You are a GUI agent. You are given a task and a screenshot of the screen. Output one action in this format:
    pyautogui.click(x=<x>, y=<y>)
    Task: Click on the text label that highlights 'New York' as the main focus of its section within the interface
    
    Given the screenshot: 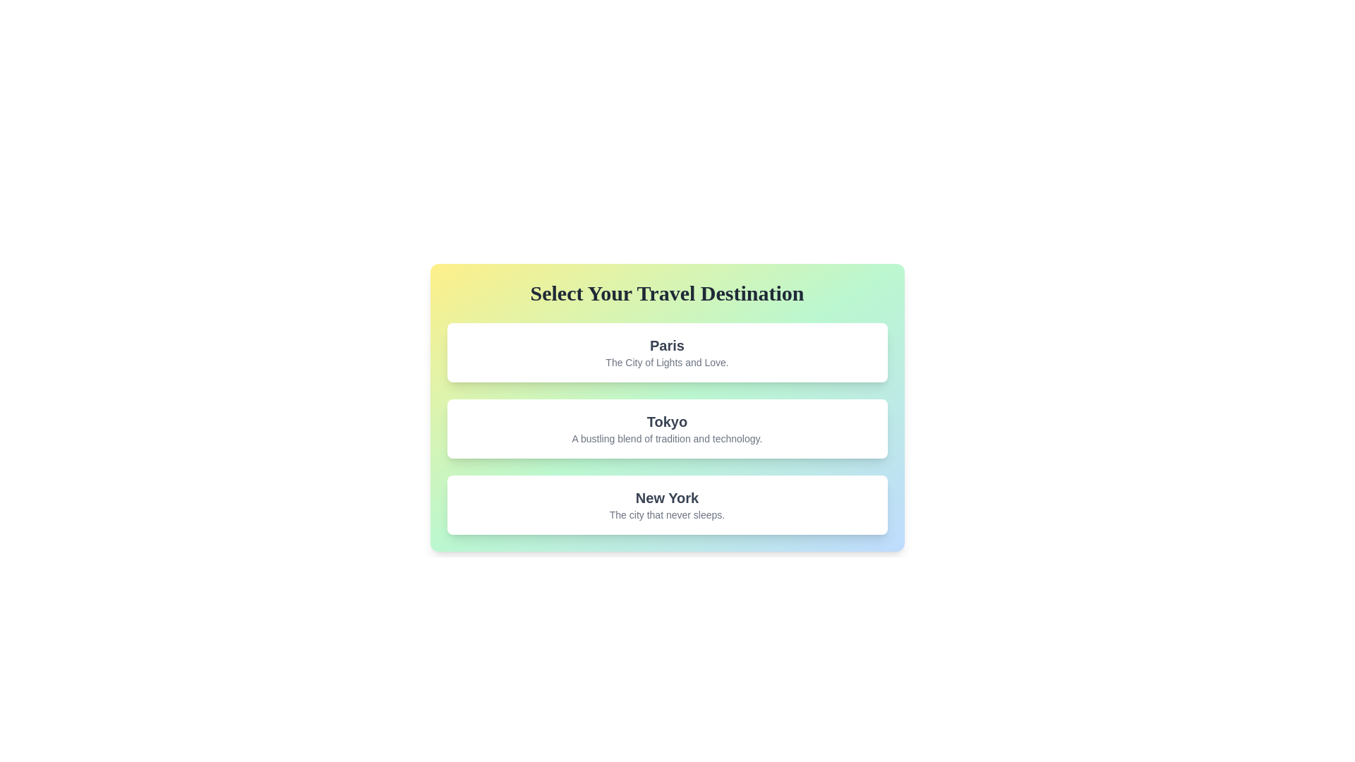 What is the action you would take?
    pyautogui.click(x=666, y=497)
    